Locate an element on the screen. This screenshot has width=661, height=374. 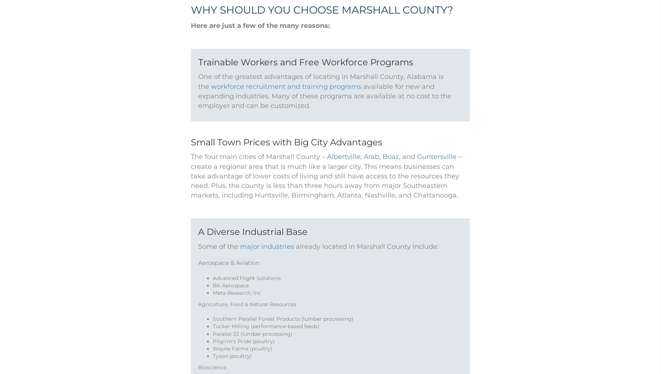
'Agriculture, Food & Natural Resources' is located at coordinates (247, 313).